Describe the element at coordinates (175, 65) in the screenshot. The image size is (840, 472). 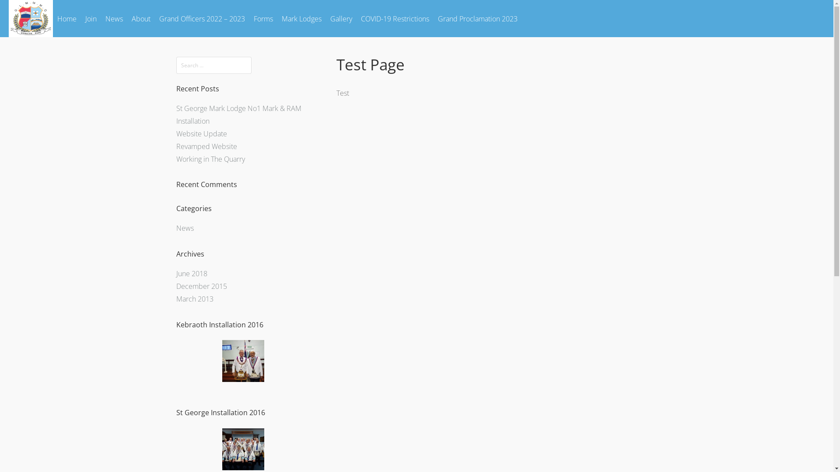
I see `'Search for:'` at that location.